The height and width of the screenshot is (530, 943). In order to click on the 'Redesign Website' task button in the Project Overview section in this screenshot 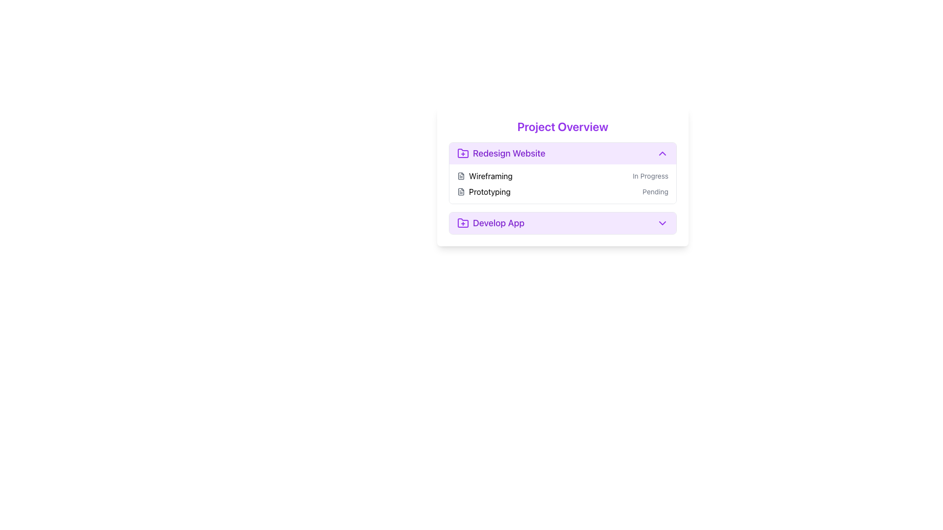, I will do `click(501, 153)`.